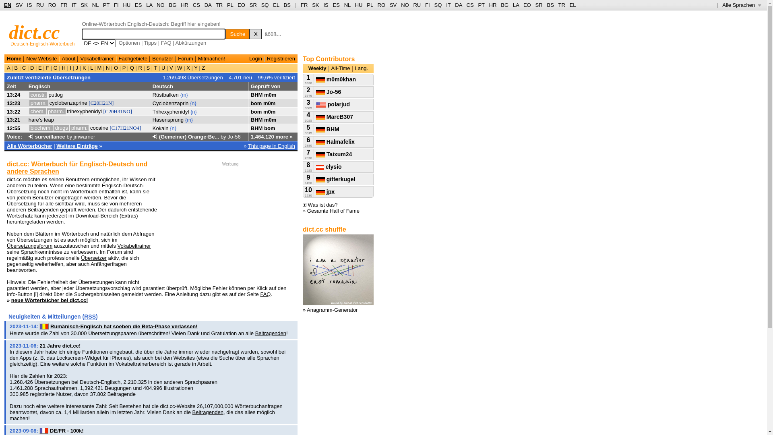 This screenshot has height=435, width=773. What do you see at coordinates (13, 94) in the screenshot?
I see `'13:24'` at bounding box center [13, 94].